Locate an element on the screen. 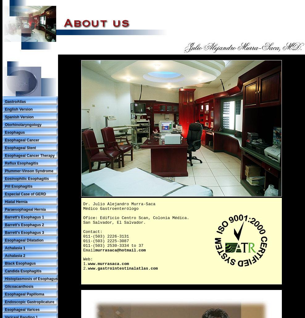 The image size is (305, 318). 'Black Esophagus' is located at coordinates (20, 263).